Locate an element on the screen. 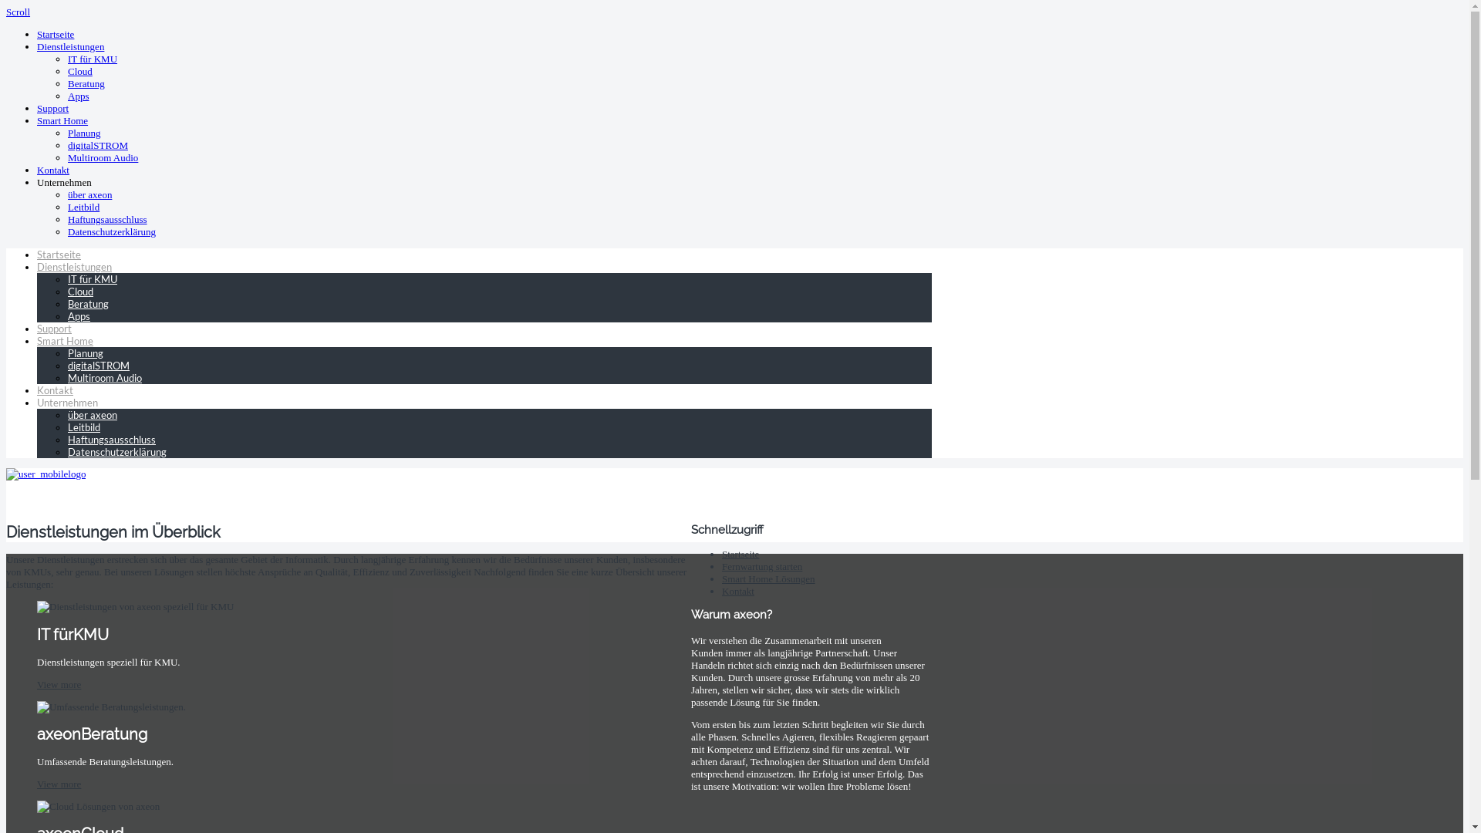 The width and height of the screenshot is (1481, 833). 'digitalSTROM' is located at coordinates (96, 145).